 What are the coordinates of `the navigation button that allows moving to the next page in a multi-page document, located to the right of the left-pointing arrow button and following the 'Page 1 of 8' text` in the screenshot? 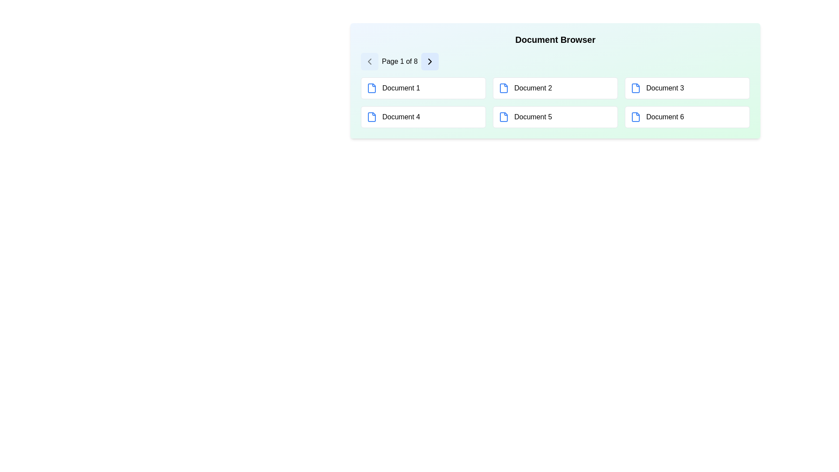 It's located at (430, 61).